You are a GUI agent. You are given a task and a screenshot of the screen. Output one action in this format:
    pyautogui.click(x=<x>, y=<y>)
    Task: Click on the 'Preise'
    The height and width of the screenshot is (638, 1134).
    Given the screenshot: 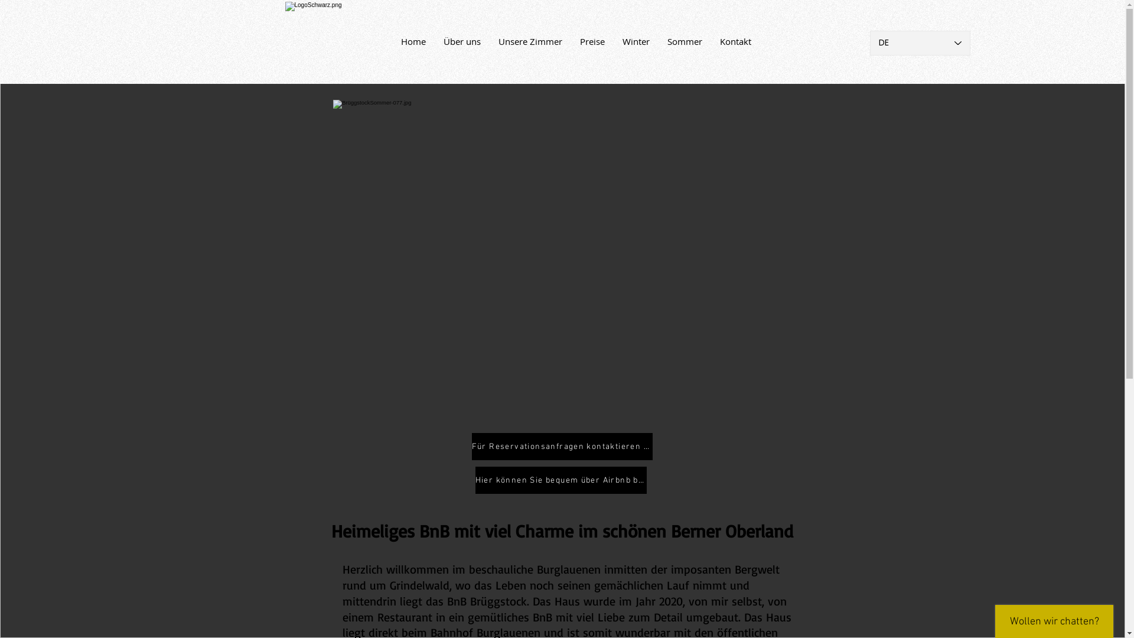 What is the action you would take?
    pyautogui.click(x=592, y=40)
    